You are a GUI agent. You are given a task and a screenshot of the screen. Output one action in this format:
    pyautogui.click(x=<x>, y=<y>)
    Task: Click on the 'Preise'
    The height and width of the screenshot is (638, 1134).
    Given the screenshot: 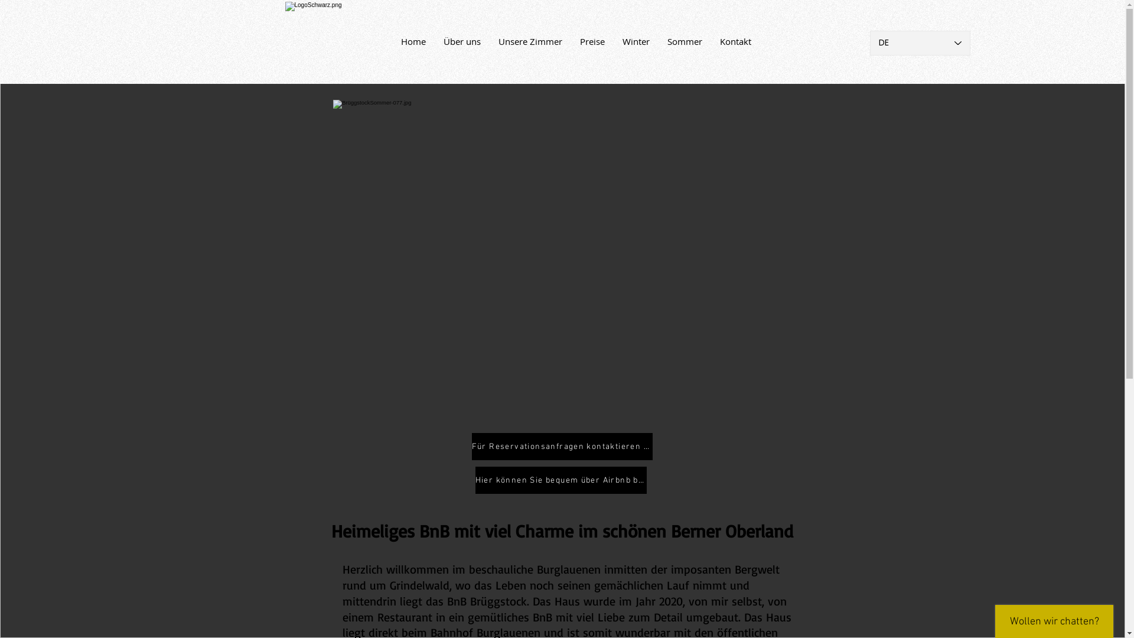 What is the action you would take?
    pyautogui.click(x=592, y=40)
    